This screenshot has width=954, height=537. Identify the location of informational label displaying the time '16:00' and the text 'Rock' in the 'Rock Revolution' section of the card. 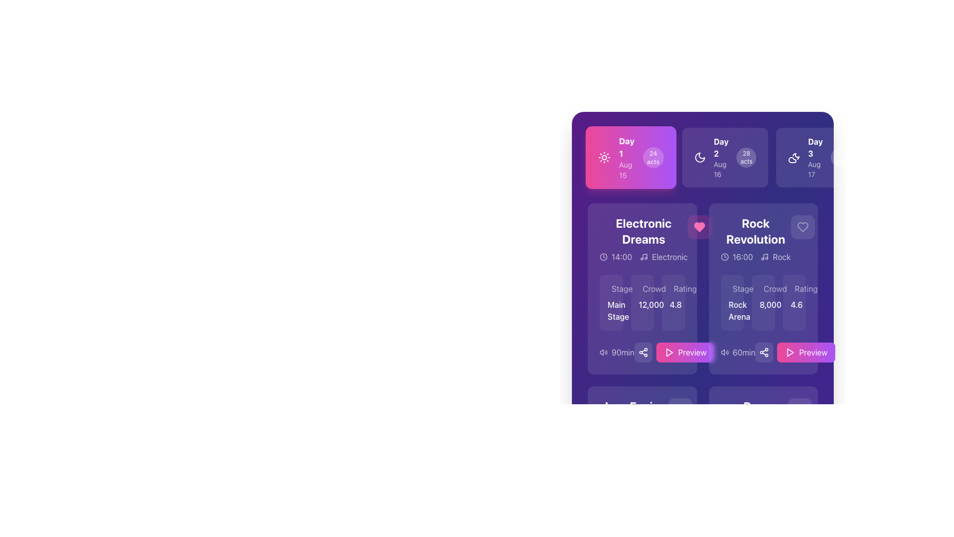
(755, 256).